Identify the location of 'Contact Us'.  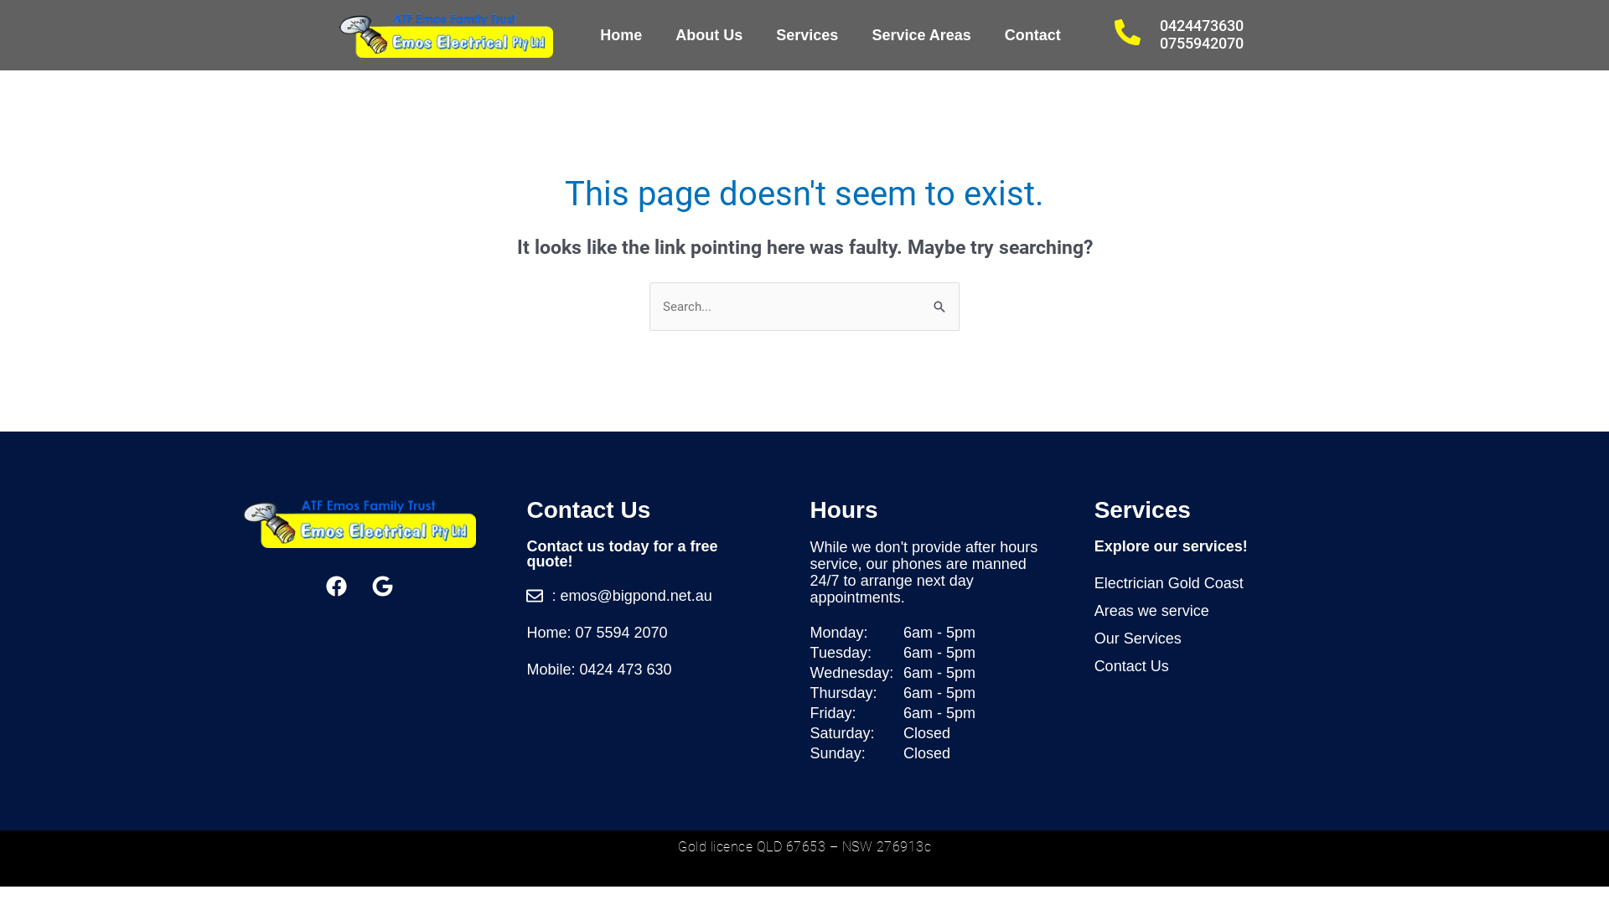
(1230, 665).